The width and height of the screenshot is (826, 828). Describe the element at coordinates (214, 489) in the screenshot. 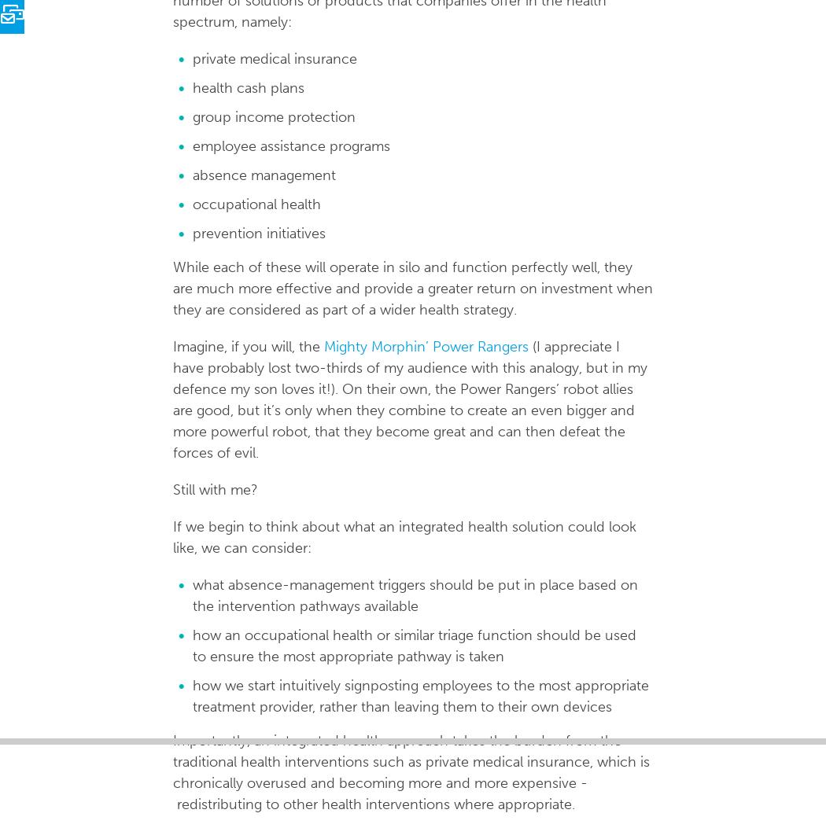

I see `'Still with me?'` at that location.